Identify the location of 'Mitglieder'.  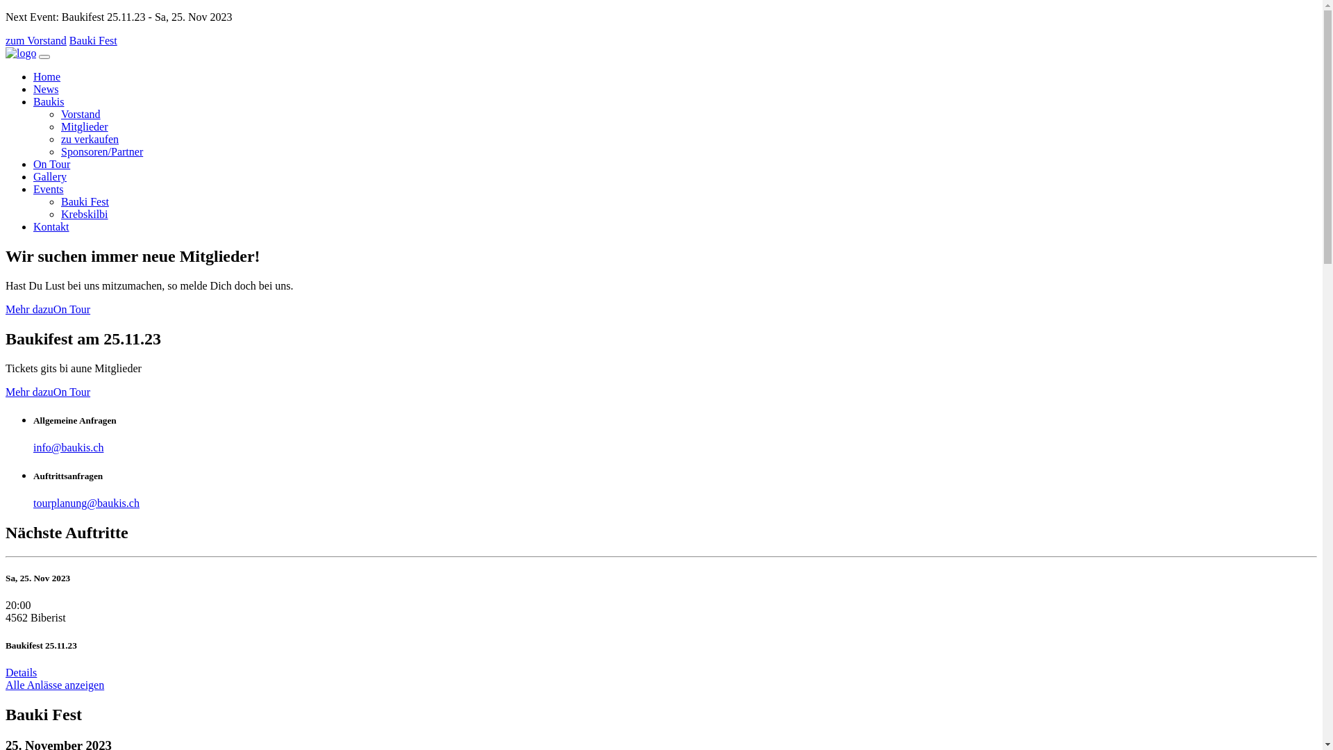
(60, 126).